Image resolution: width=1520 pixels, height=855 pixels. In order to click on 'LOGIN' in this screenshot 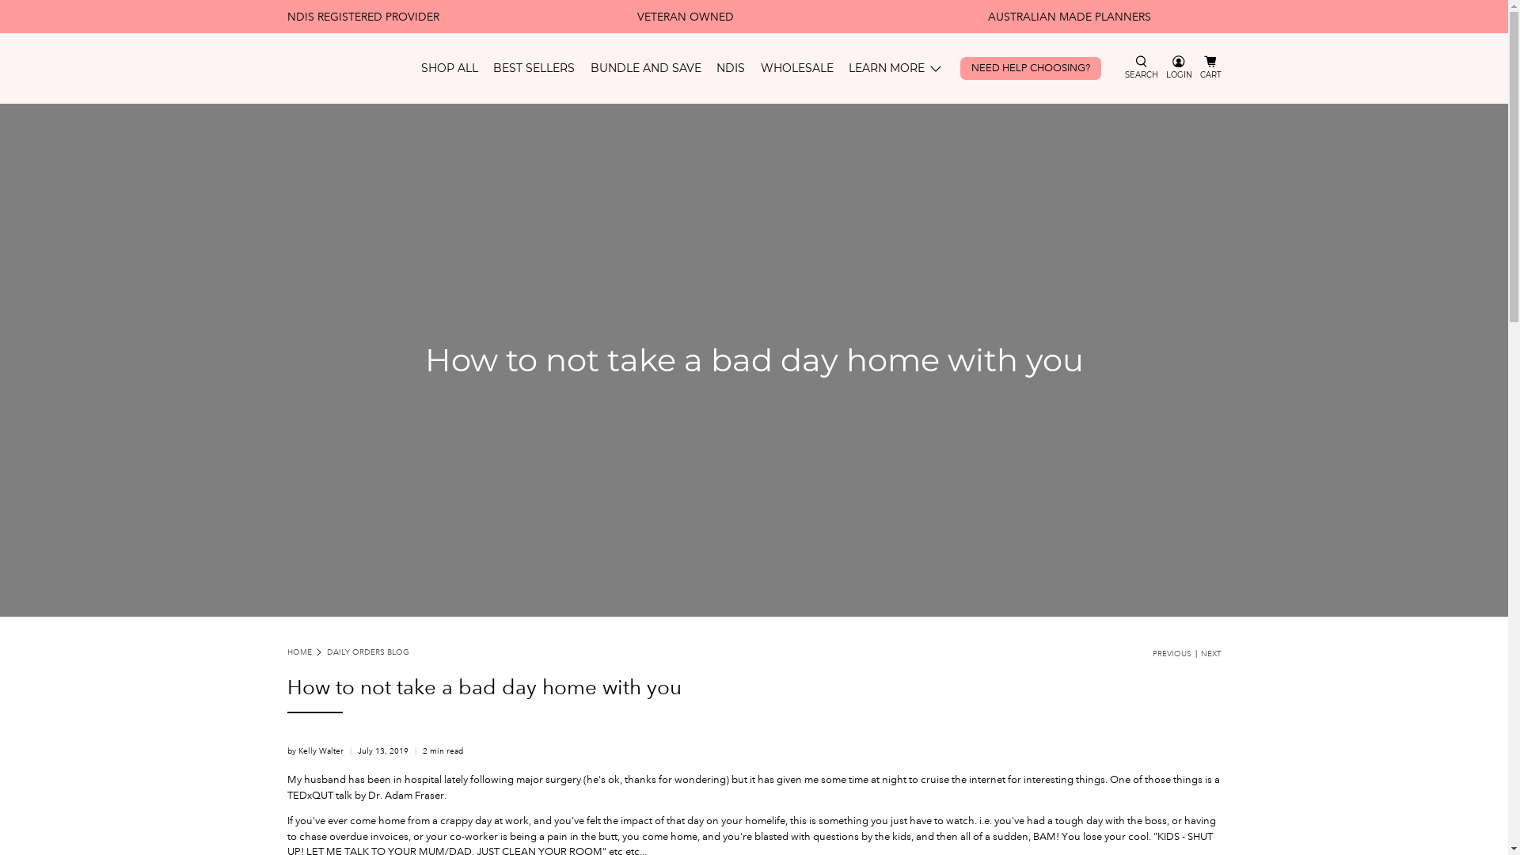, I will do `click(1179, 67)`.